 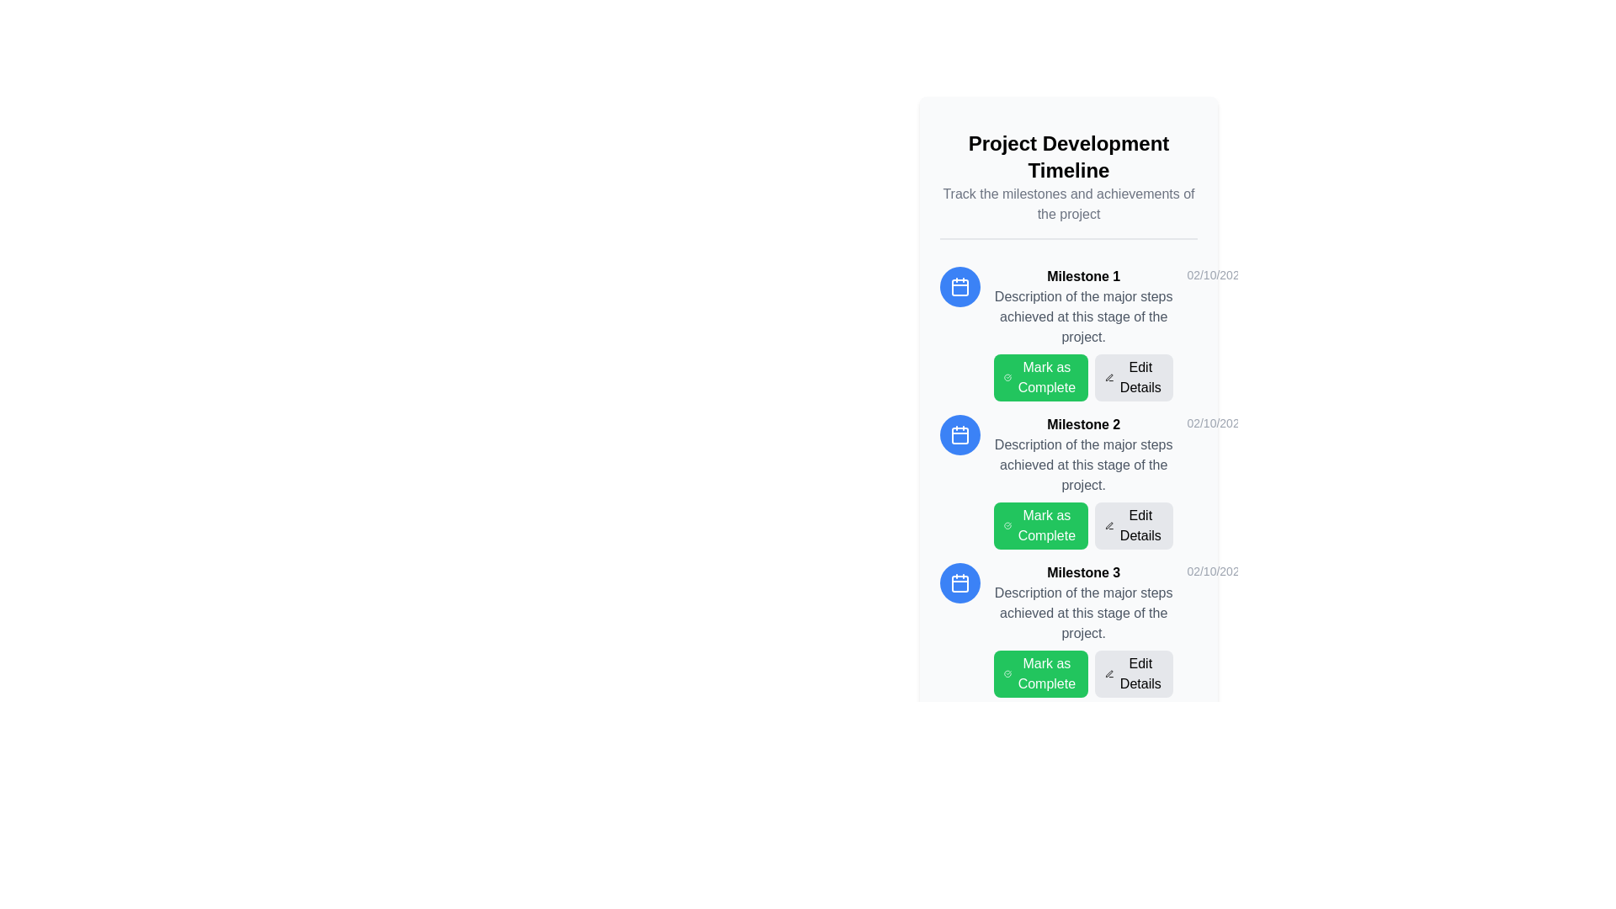 I want to click on the Icon Button labeled 'Edit Details' in the 'Milestone 3' section, which signifies an editing functionality, so click(x=1109, y=673).